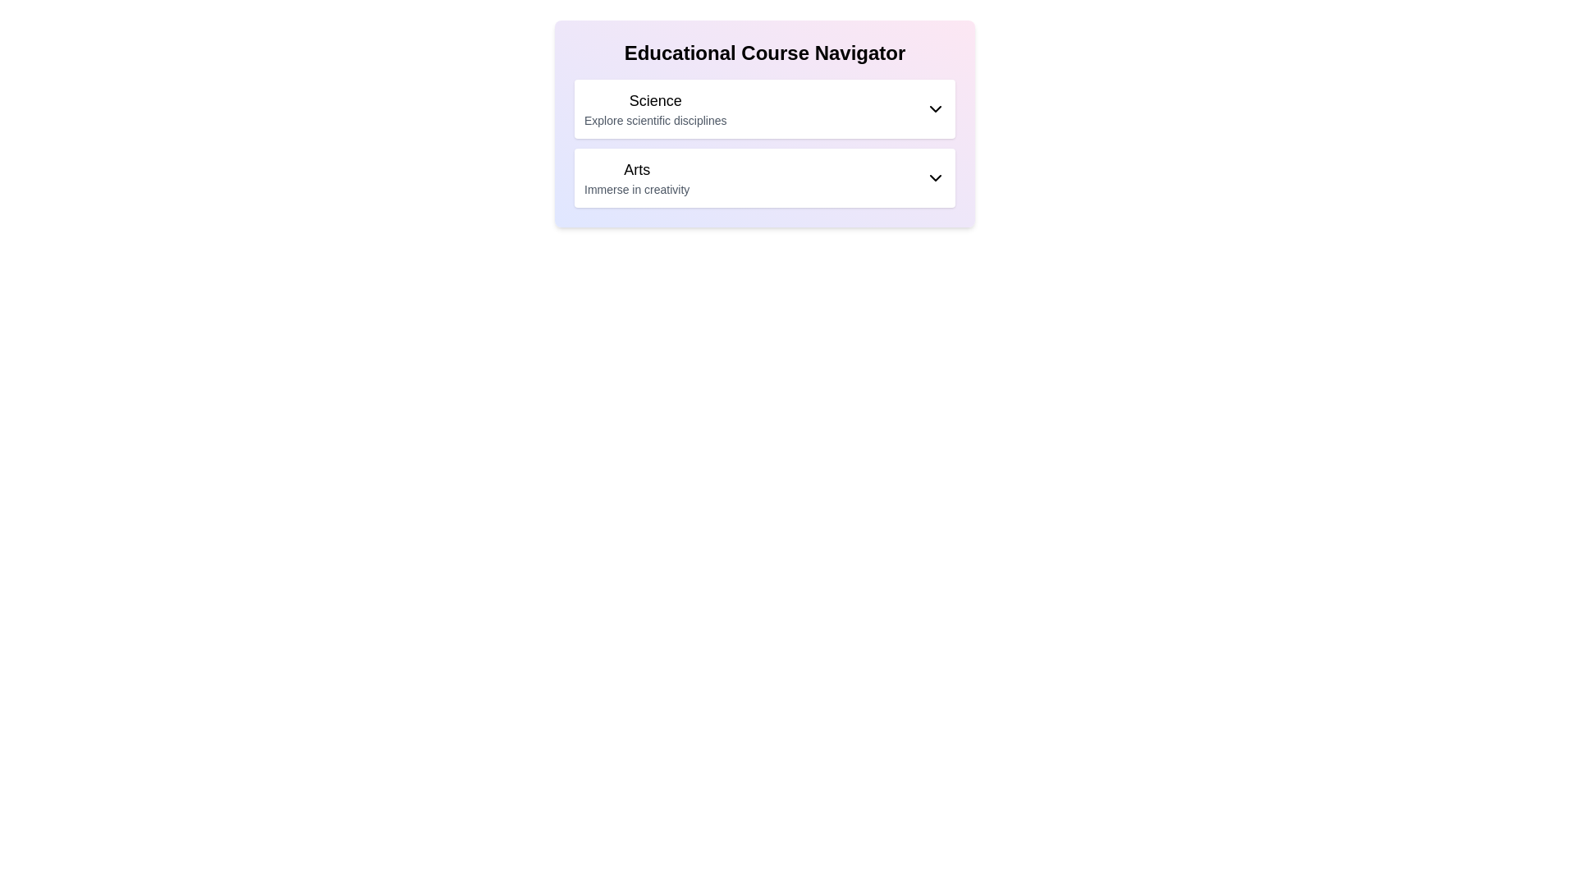 The image size is (1576, 887). I want to click on the downward-facing chevron icon indicating additional options in the 'Arts Immerse in creativity' section, so click(936, 177).